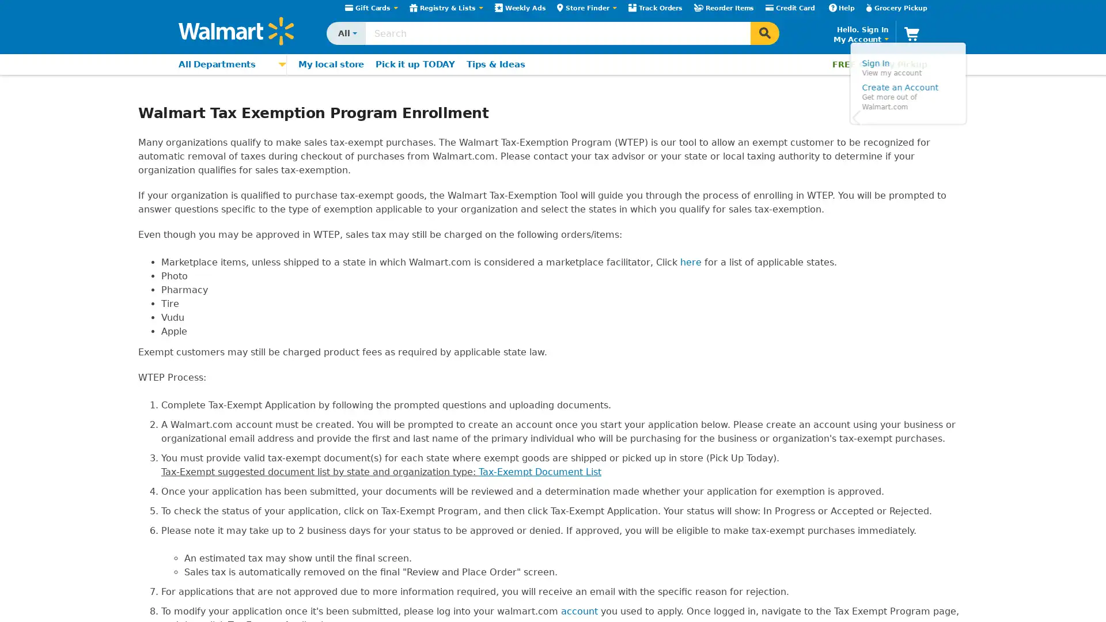 The image size is (1106, 622). I want to click on Pharmacy, Health & Personal Care, so click(224, 252).